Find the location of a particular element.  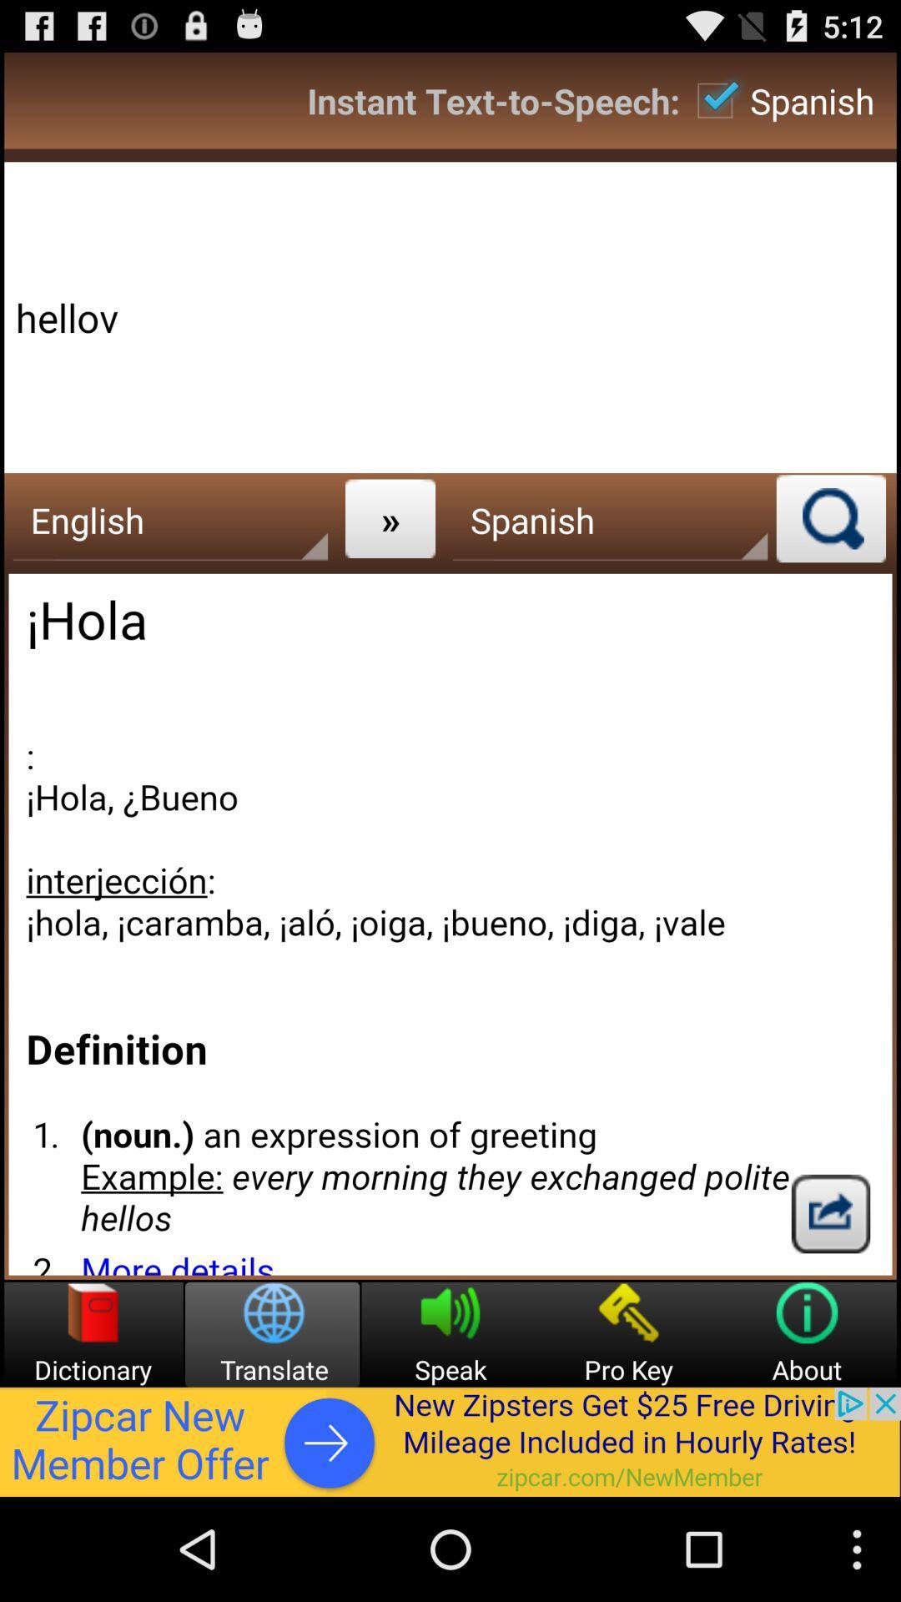

share page is located at coordinates (830, 1213).